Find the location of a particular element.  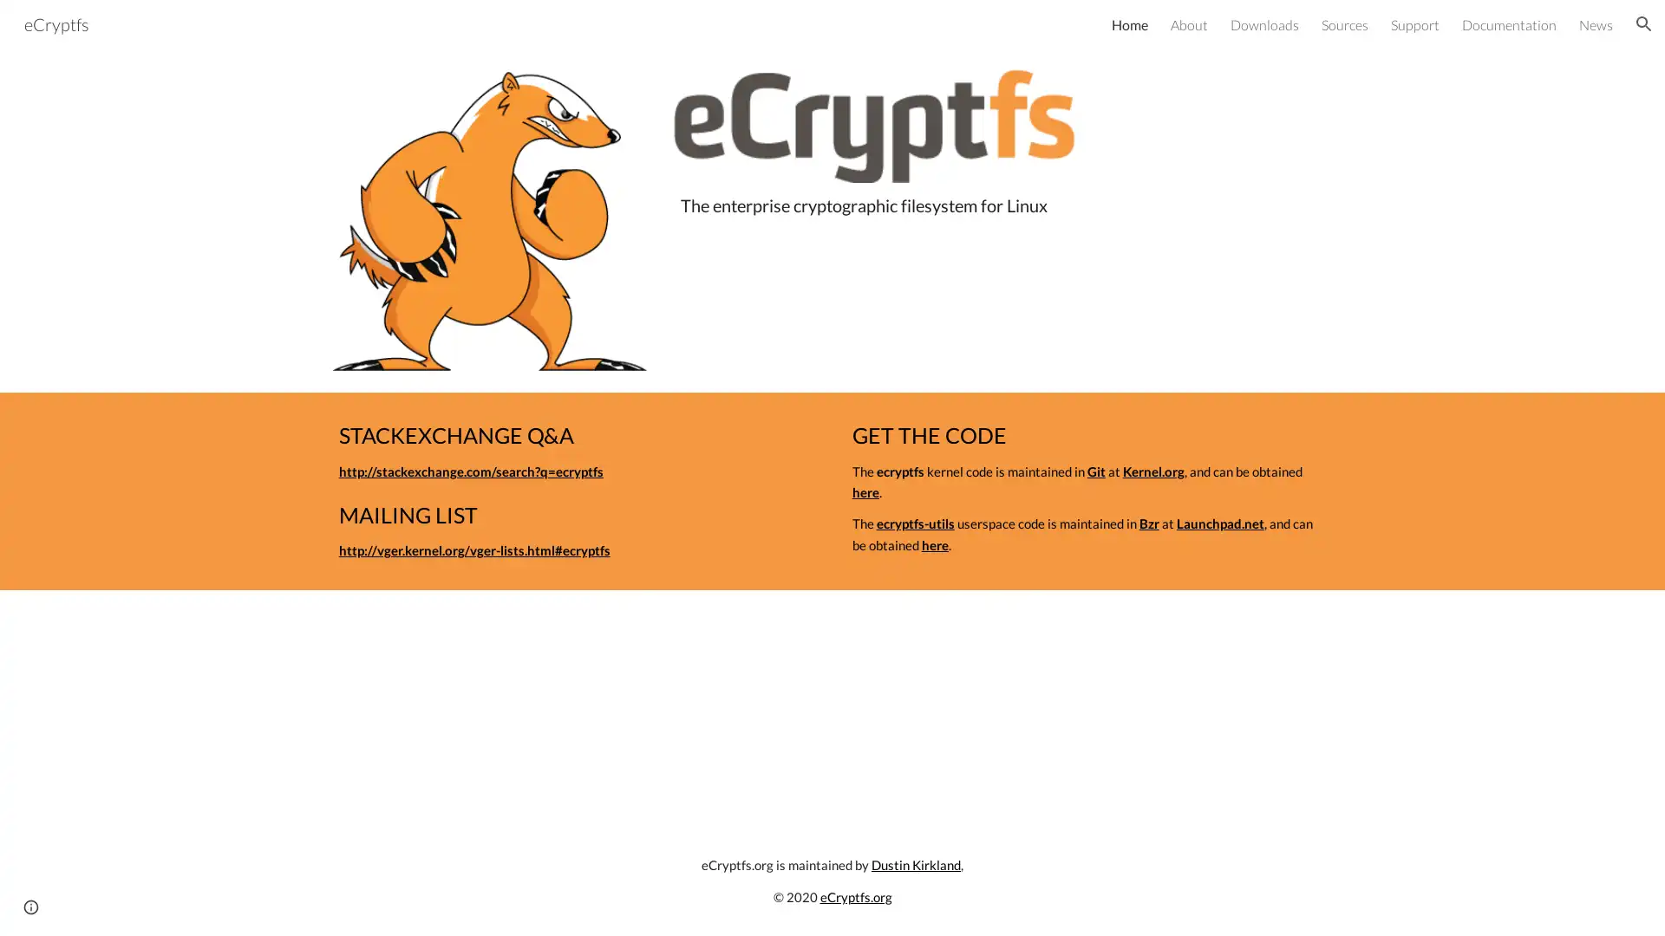

Report abuse is located at coordinates (208, 905).